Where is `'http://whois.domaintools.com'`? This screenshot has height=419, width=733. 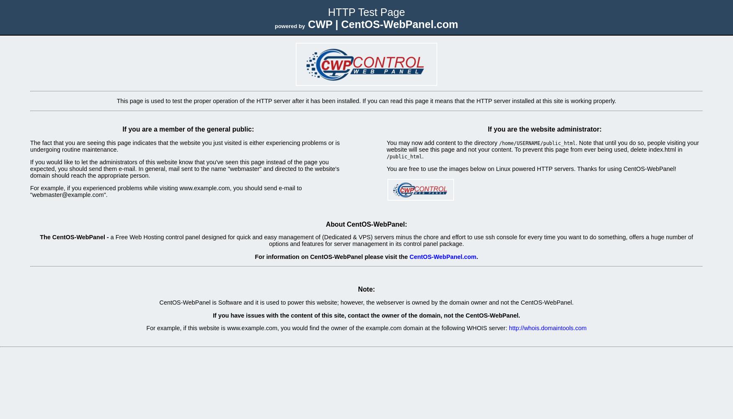 'http://whois.domaintools.com' is located at coordinates (547, 328).